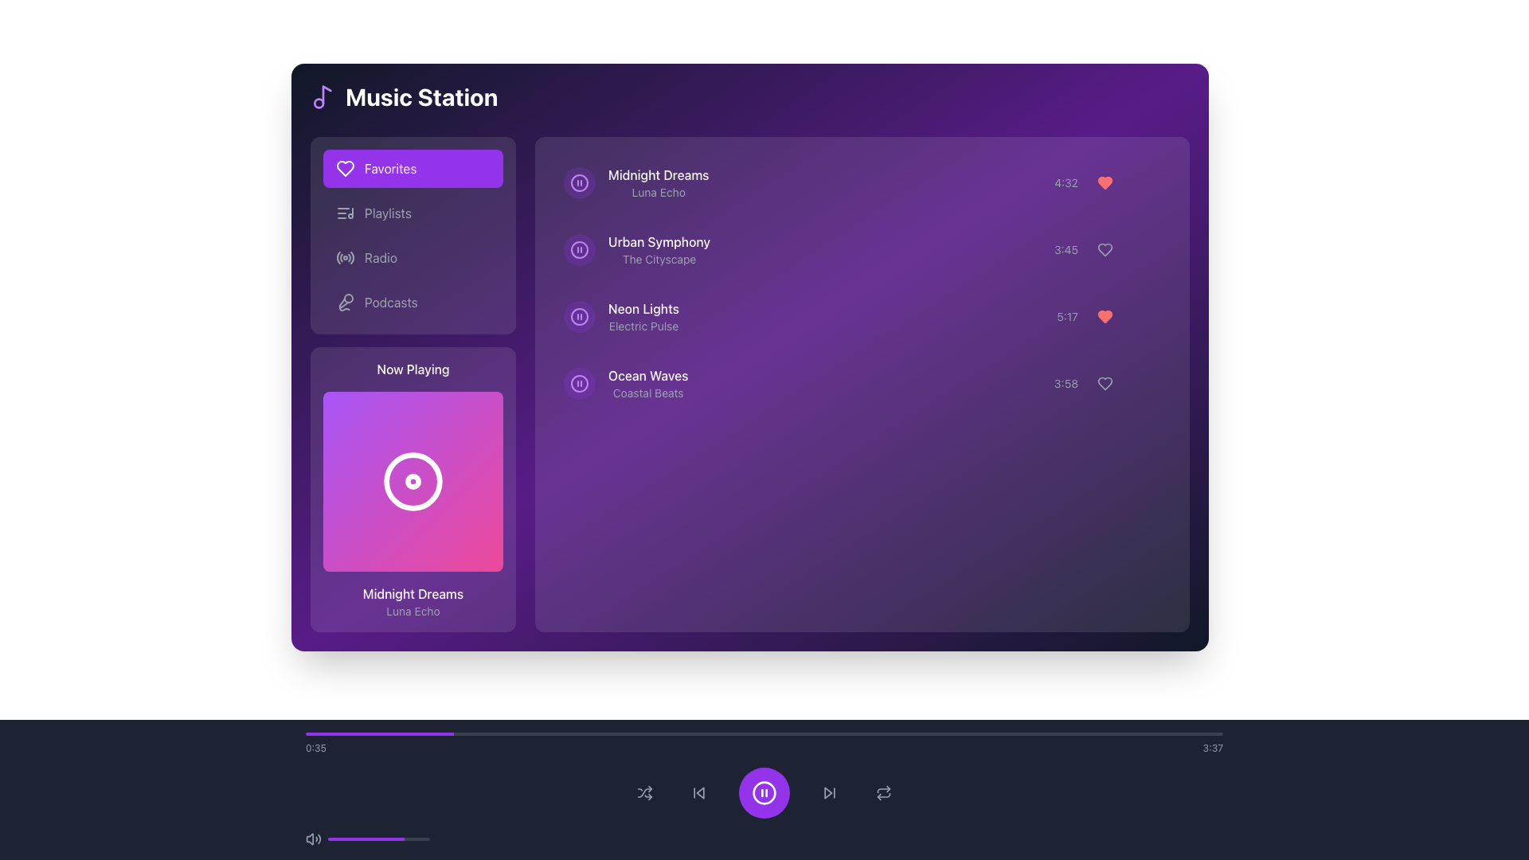 This screenshot has width=1529, height=860. What do you see at coordinates (1066, 384) in the screenshot?
I see `the text label that displays the duration of the specific song in the playlist, located in the far-right column` at bounding box center [1066, 384].